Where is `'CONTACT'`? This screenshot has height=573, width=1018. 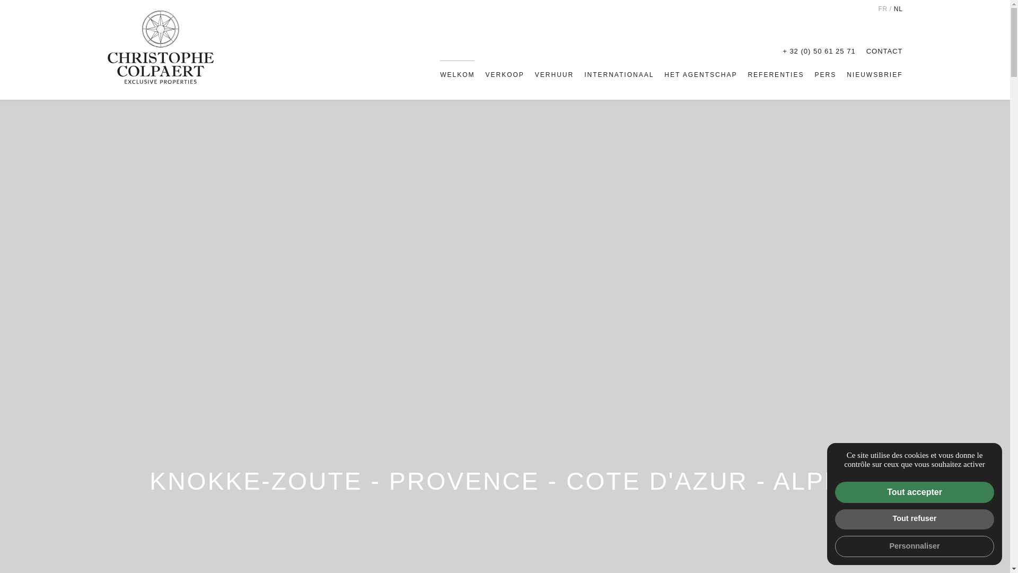 'CONTACT' is located at coordinates (866, 51).